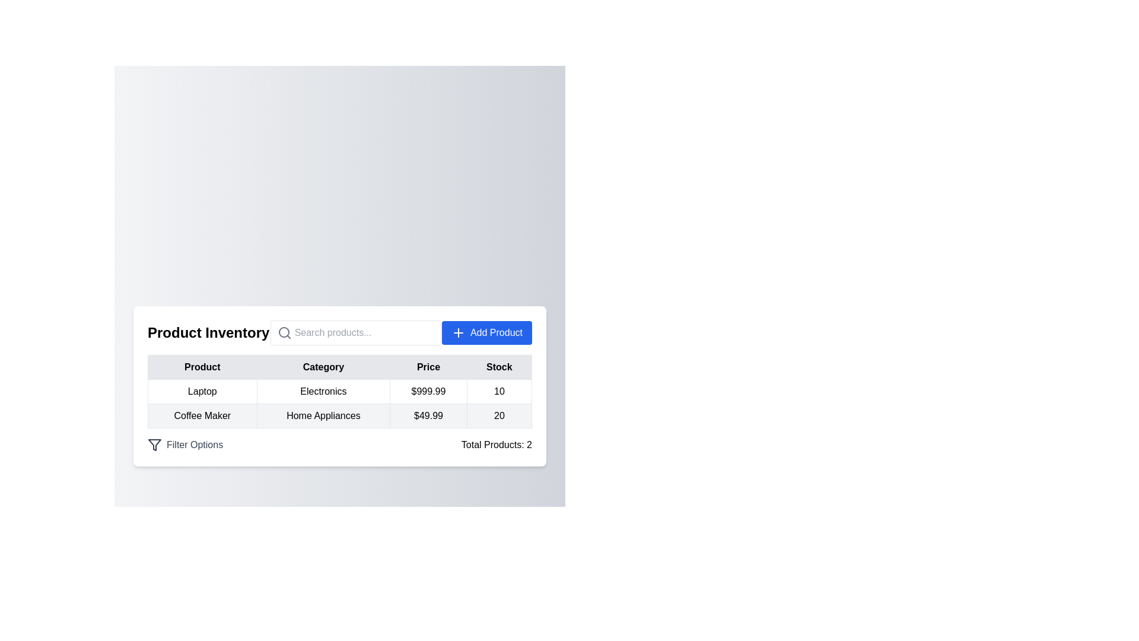 This screenshot has height=641, width=1139. I want to click on the funnel-shaped filter icon located at the left end of the 'Filter Options' button, so click(154, 445).